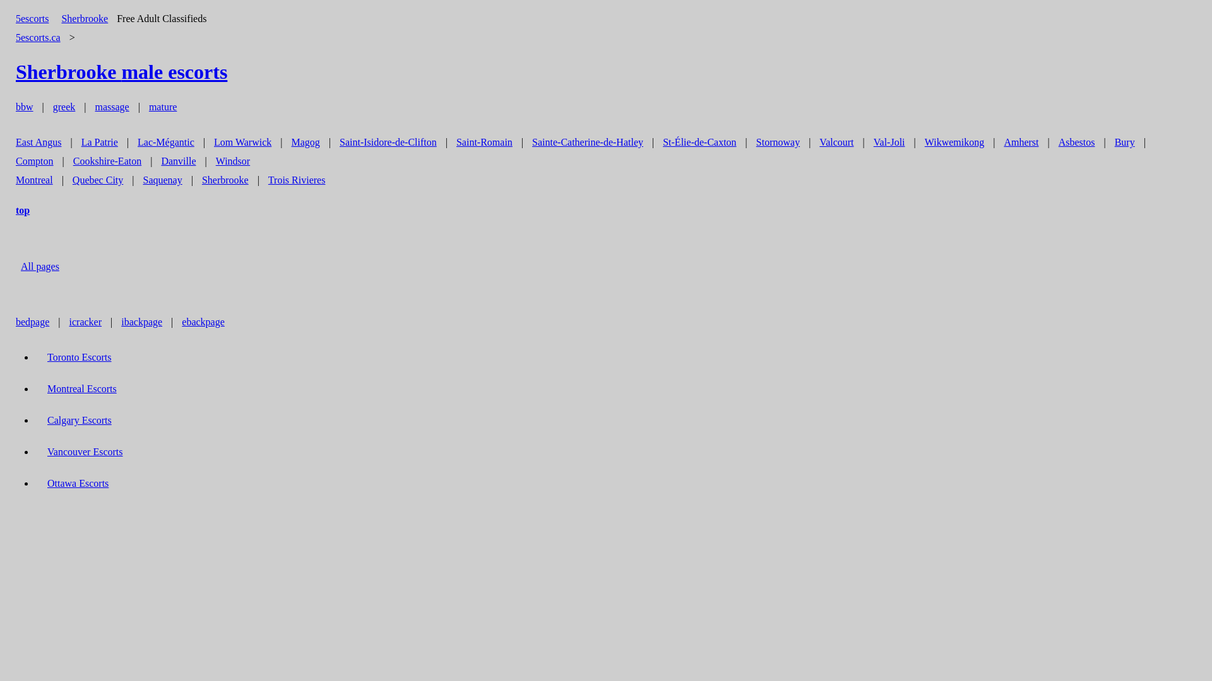 The image size is (1212, 681). What do you see at coordinates (777, 142) in the screenshot?
I see `'Stornoway'` at bounding box center [777, 142].